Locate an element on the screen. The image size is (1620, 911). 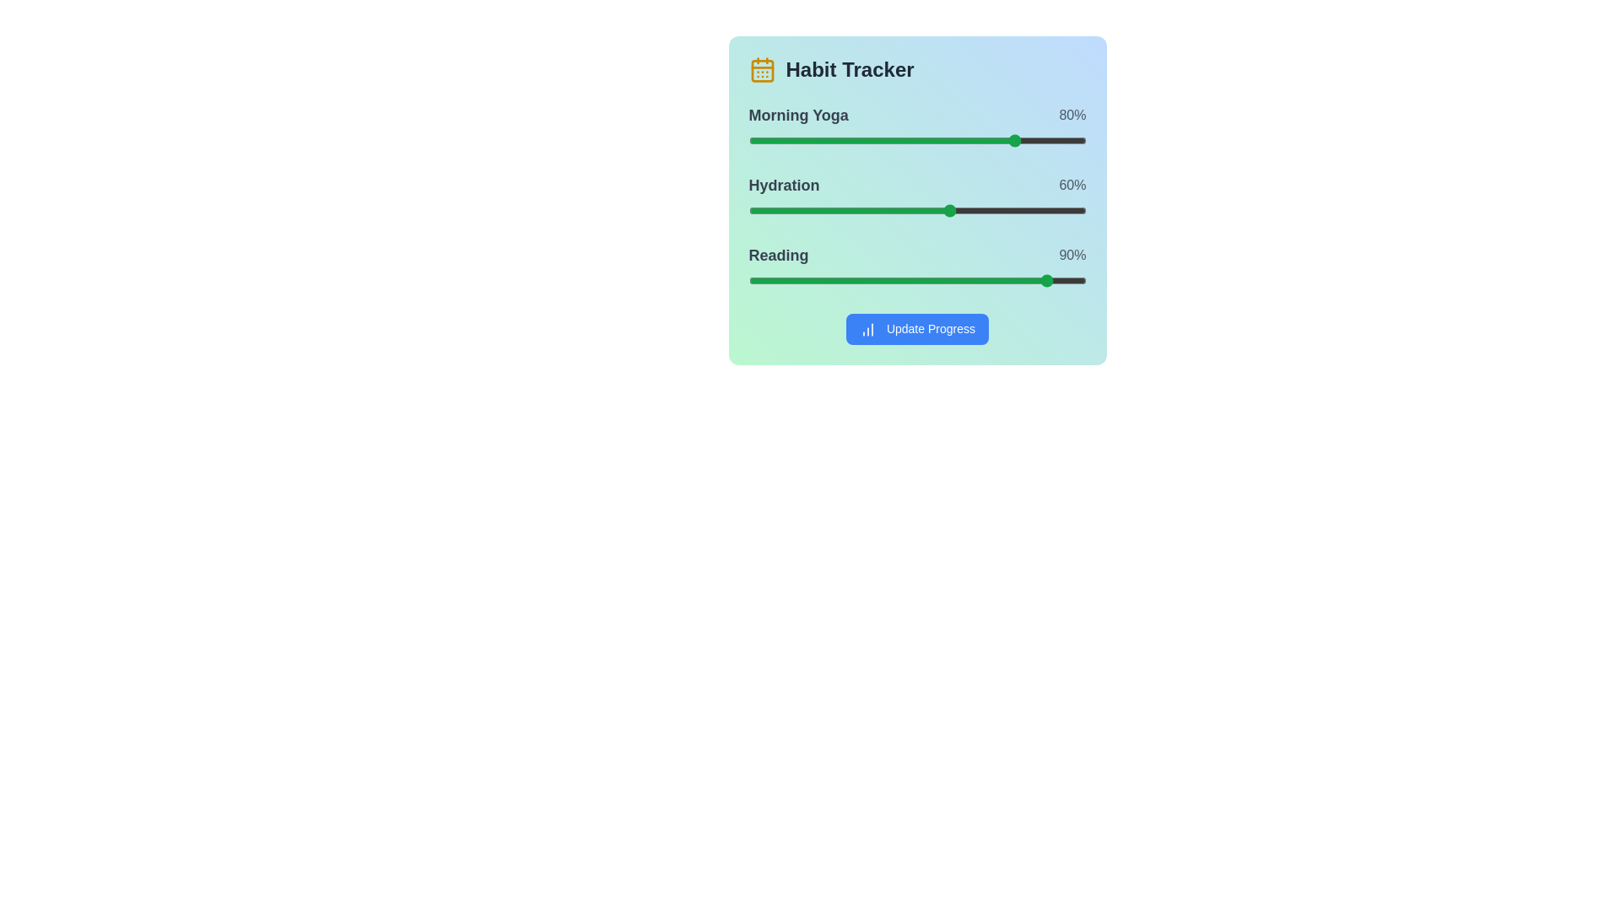
the calendar icon next to 'Habit Tracker' is located at coordinates (761, 69).